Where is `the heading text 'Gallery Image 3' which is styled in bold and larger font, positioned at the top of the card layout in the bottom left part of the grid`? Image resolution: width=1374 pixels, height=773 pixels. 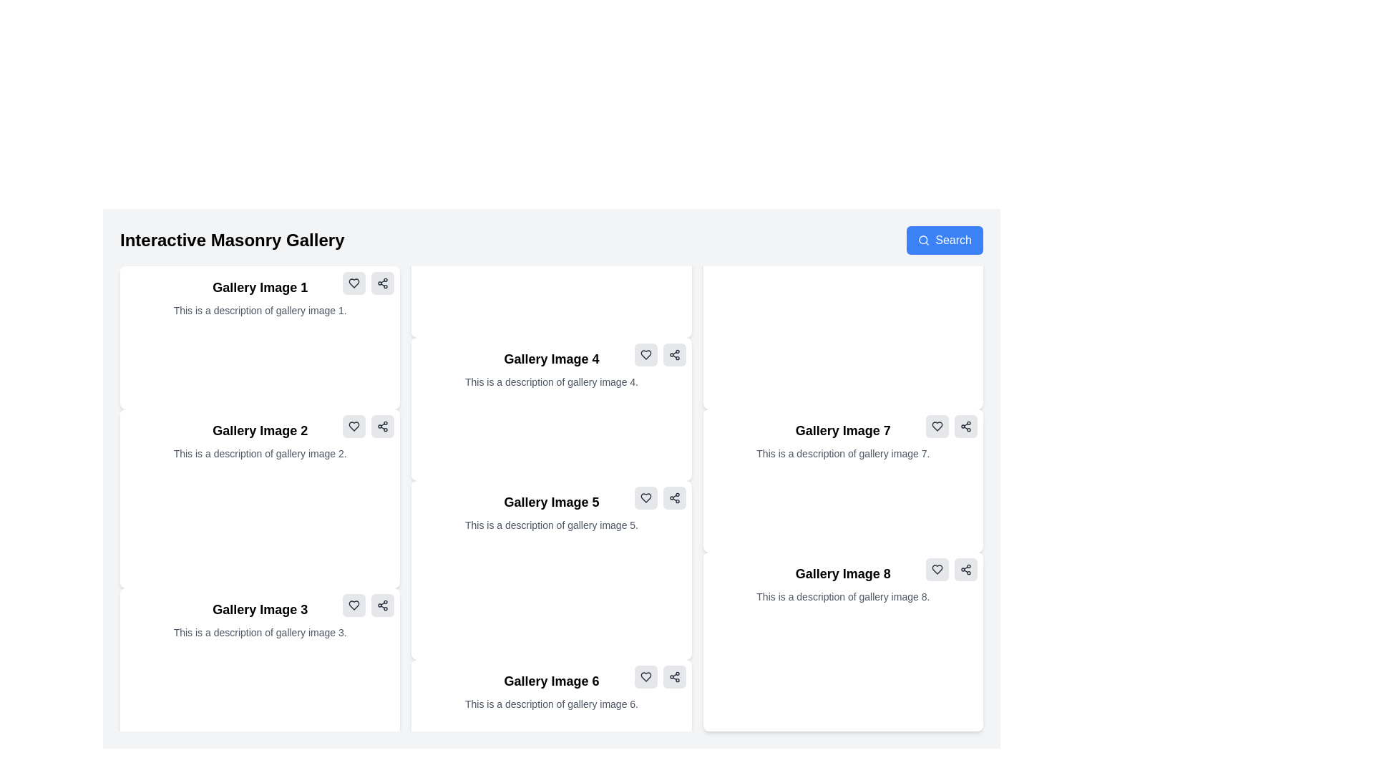
the heading text 'Gallery Image 3' which is styled in bold and larger font, positioned at the top of the card layout in the bottom left part of the grid is located at coordinates (260, 610).